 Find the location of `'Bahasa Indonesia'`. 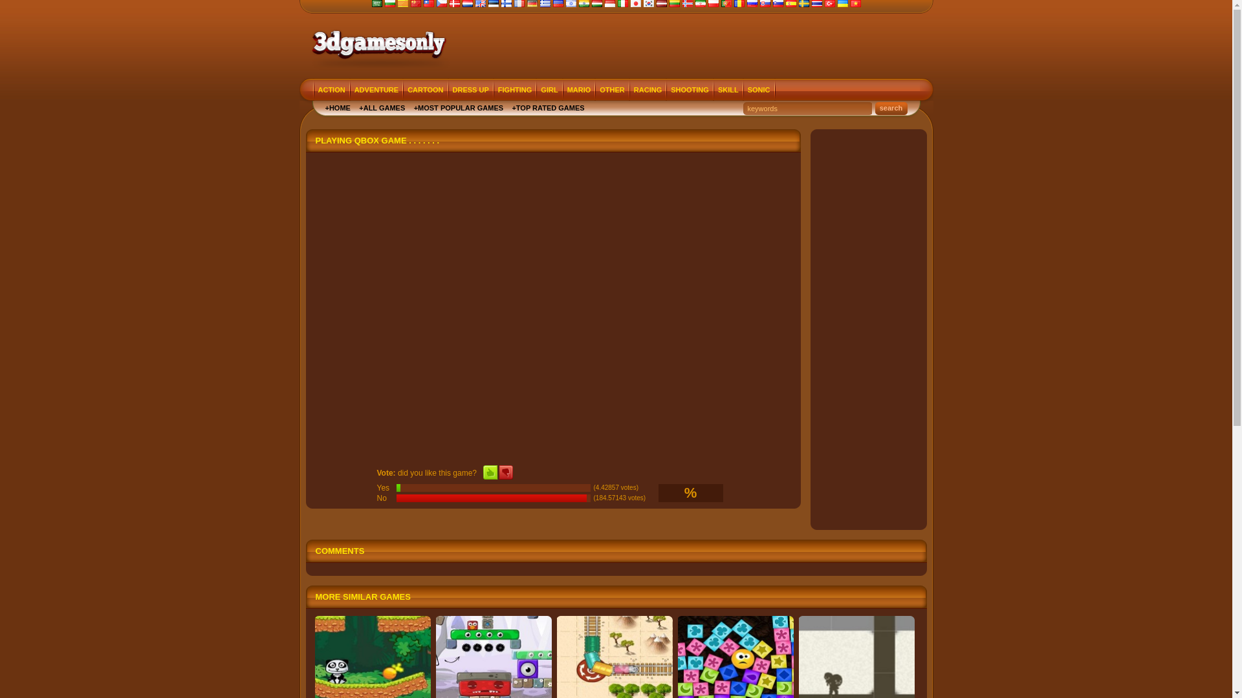

'Bahasa Indonesia' is located at coordinates (608, 5).